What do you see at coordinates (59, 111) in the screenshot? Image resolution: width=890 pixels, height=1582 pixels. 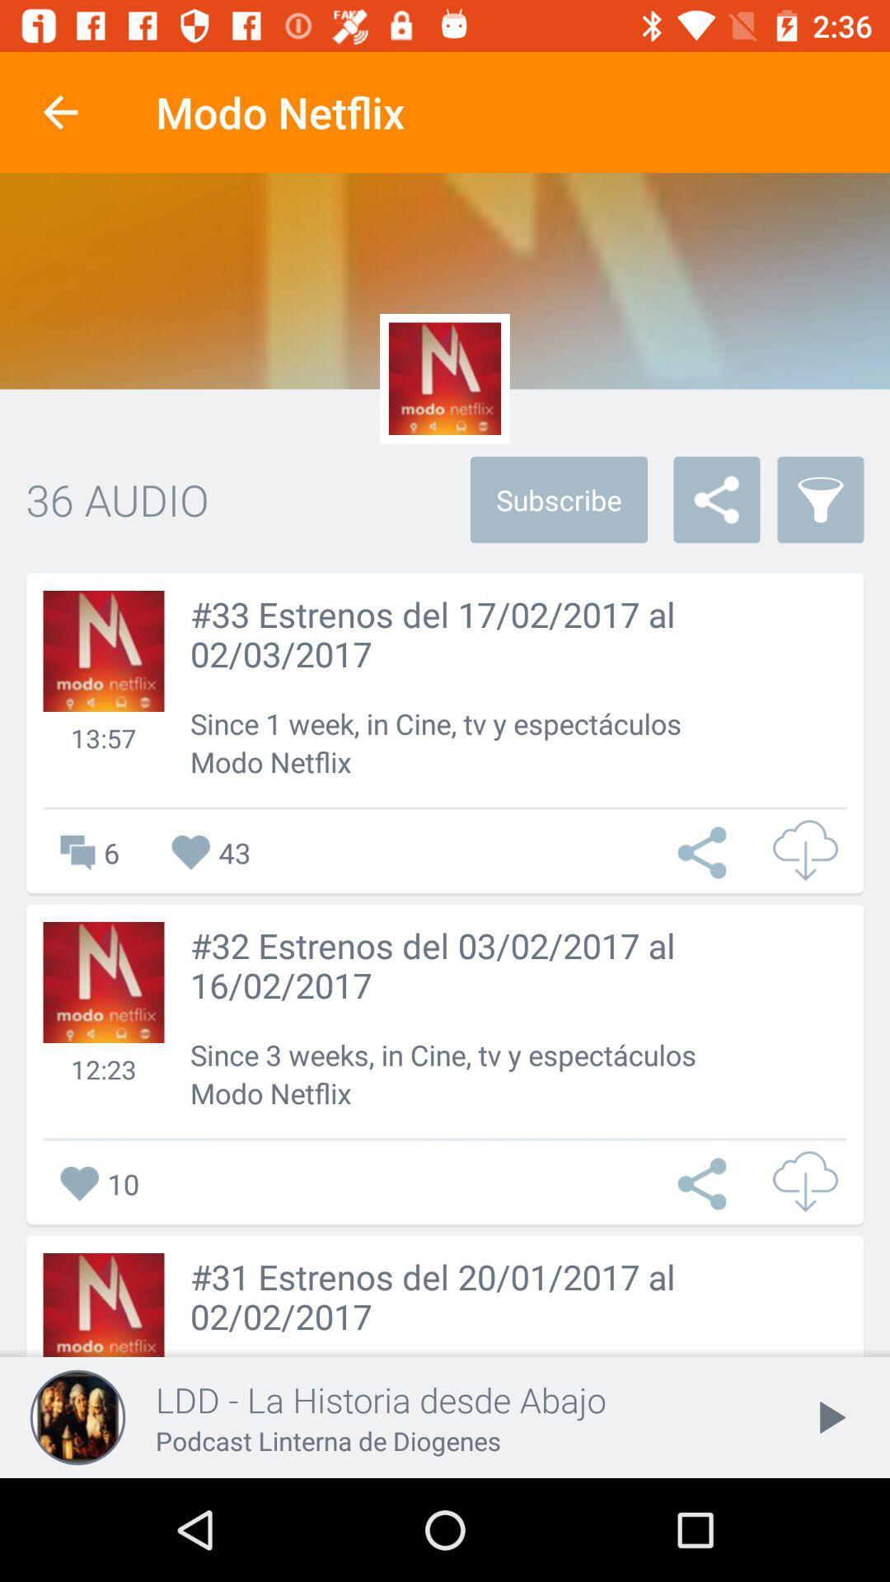 I see `icon next to the modo netflix` at bounding box center [59, 111].